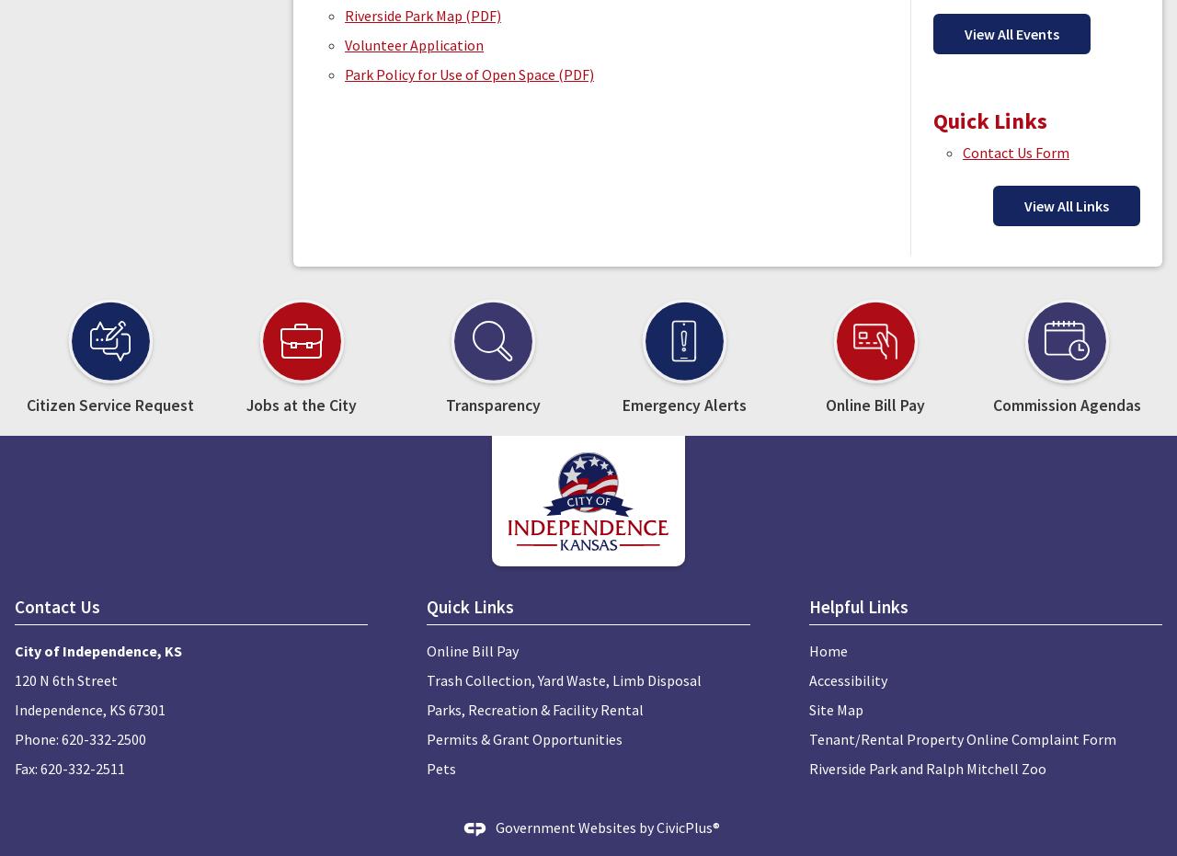 The image size is (1177, 856). I want to click on 'Emergency Alerts', so click(682, 405).